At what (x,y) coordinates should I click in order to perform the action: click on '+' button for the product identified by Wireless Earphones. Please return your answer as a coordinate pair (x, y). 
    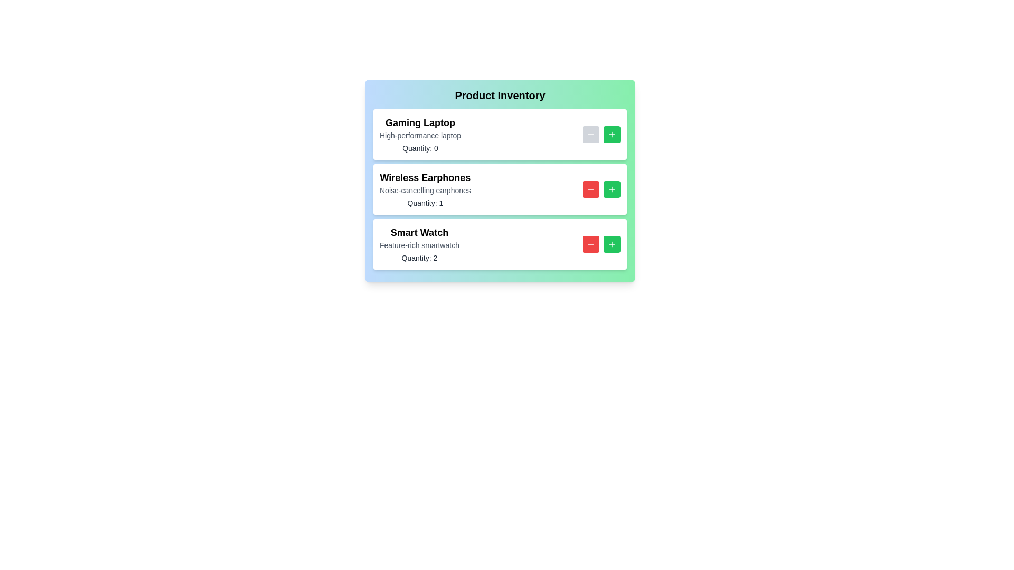
    Looking at the image, I should click on (612, 188).